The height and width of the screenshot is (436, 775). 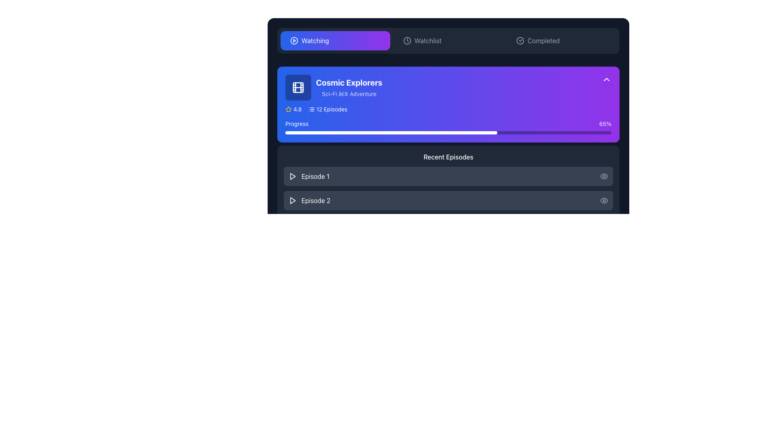 I want to click on progress bar, so click(x=536, y=132).